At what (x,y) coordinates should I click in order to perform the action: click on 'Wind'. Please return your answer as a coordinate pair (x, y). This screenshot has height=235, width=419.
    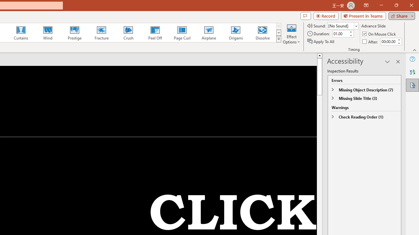
    Looking at the image, I should click on (47, 33).